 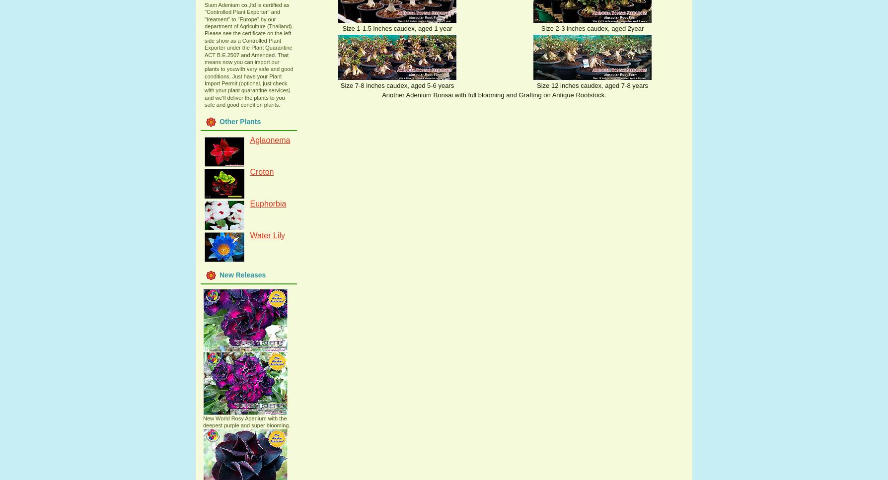 What do you see at coordinates (396, 27) in the screenshot?
I see `'Size 1-1.5 inches caudex, aged 1 year'` at bounding box center [396, 27].